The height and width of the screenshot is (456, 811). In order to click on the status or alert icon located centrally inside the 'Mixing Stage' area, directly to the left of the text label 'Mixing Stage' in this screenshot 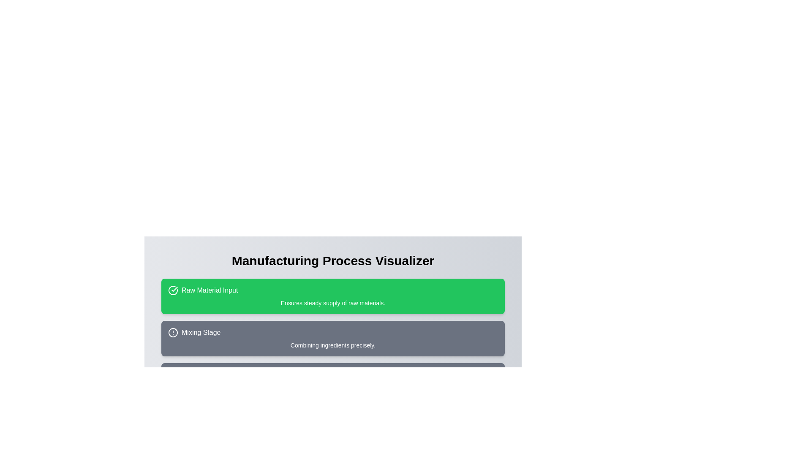, I will do `click(172, 332)`.